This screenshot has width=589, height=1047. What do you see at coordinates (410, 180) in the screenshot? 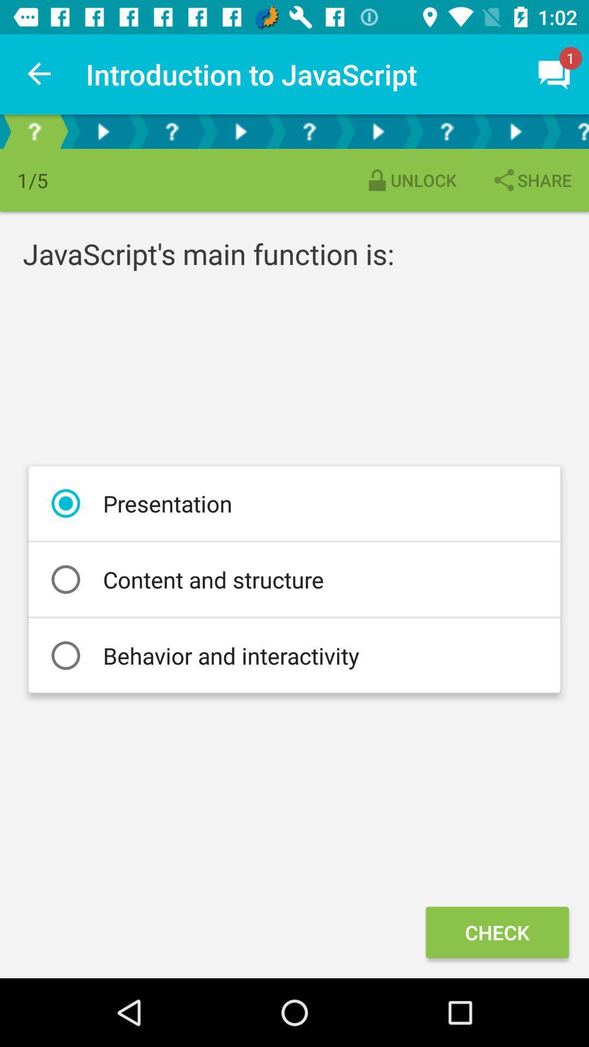
I see `the icon to the left of the share icon` at bounding box center [410, 180].